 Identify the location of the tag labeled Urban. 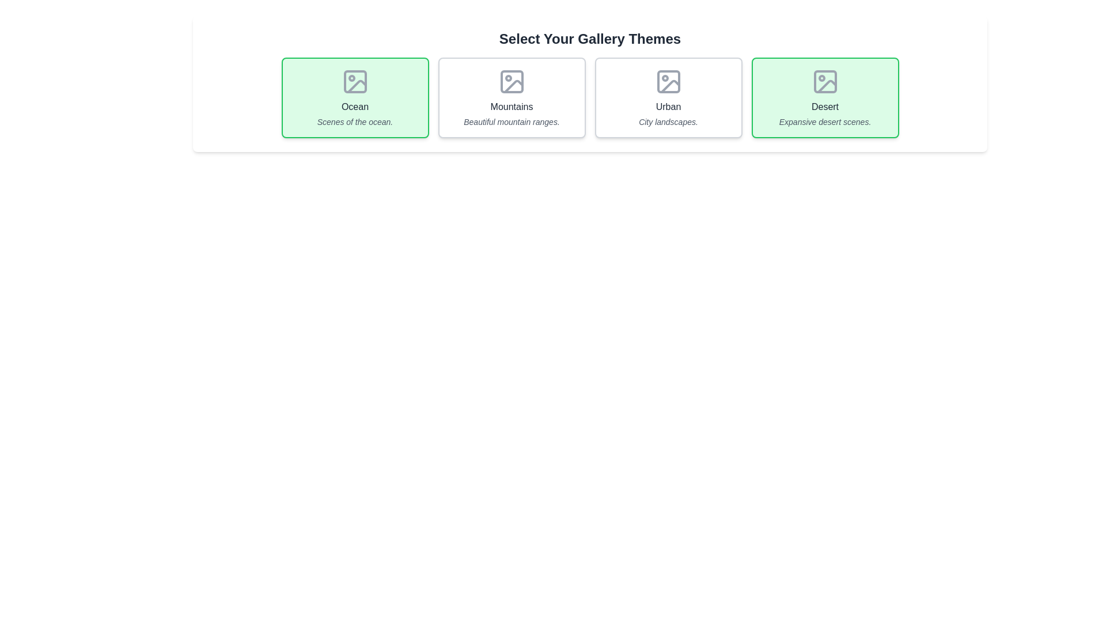
(668, 97).